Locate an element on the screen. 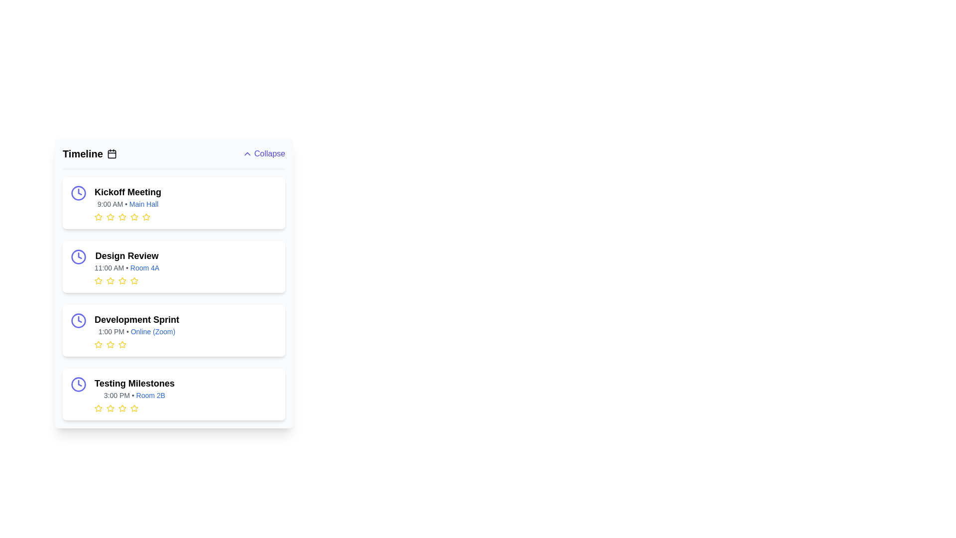 This screenshot has height=538, width=956. the second star icon in the star rating system below the 'Kickoff Meeting' section in the 'Timeline' interface is located at coordinates (133, 216).